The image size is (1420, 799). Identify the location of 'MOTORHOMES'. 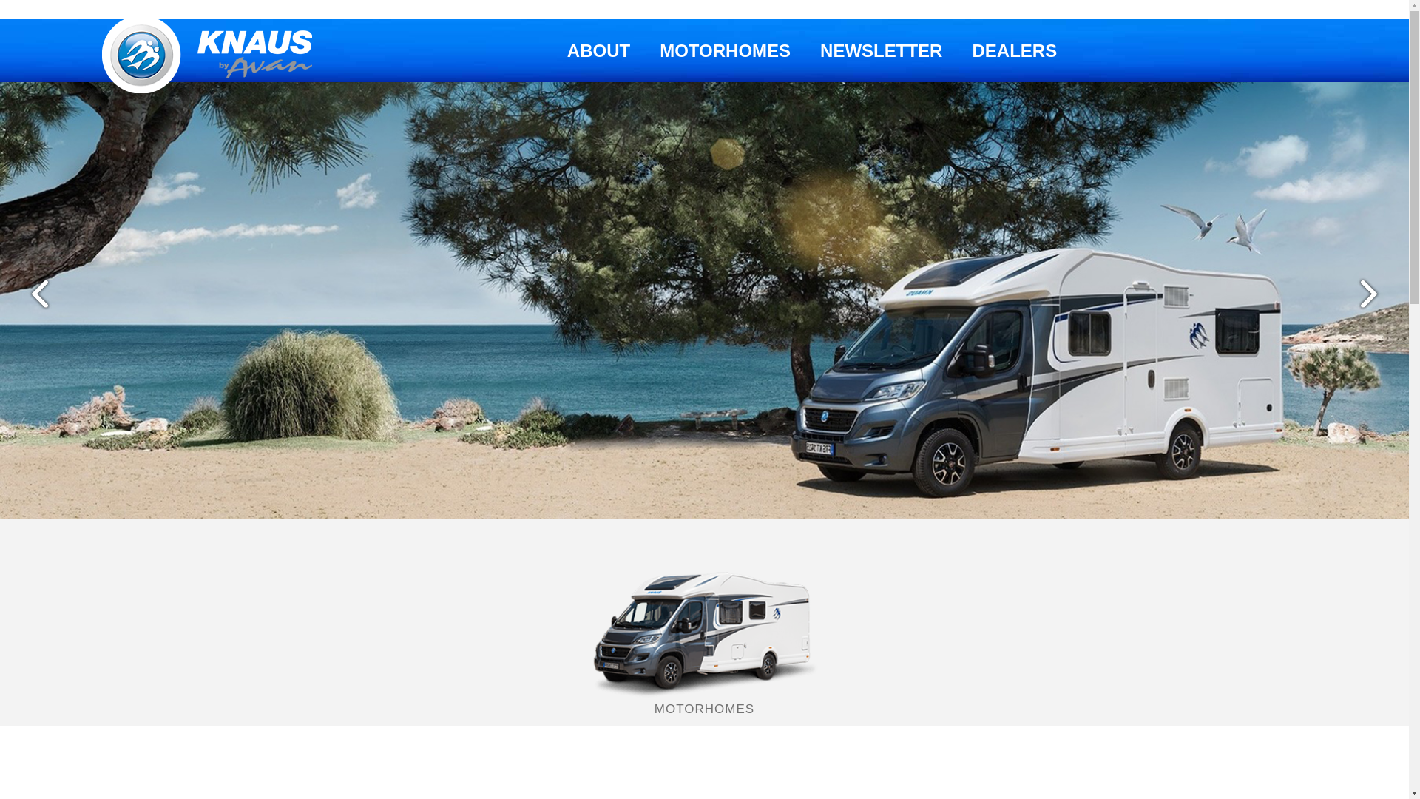
(645, 50).